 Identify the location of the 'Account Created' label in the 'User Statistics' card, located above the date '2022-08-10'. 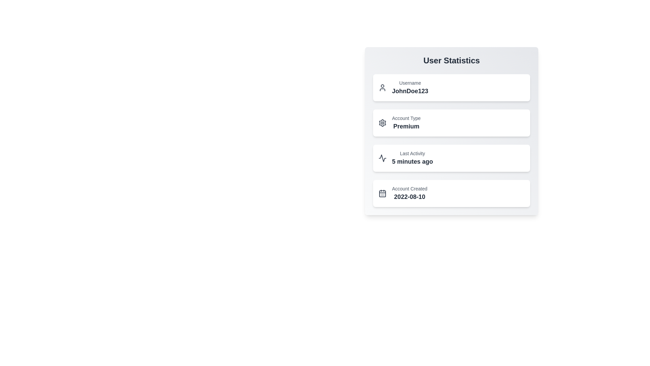
(409, 188).